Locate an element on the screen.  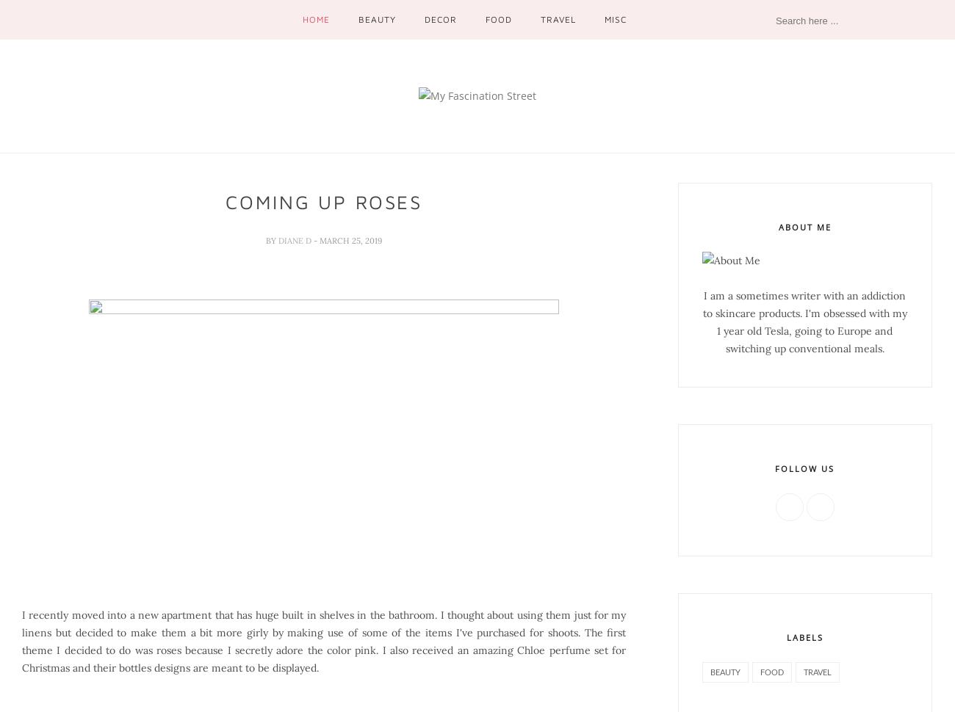
'Beauty' is located at coordinates (356, 19).